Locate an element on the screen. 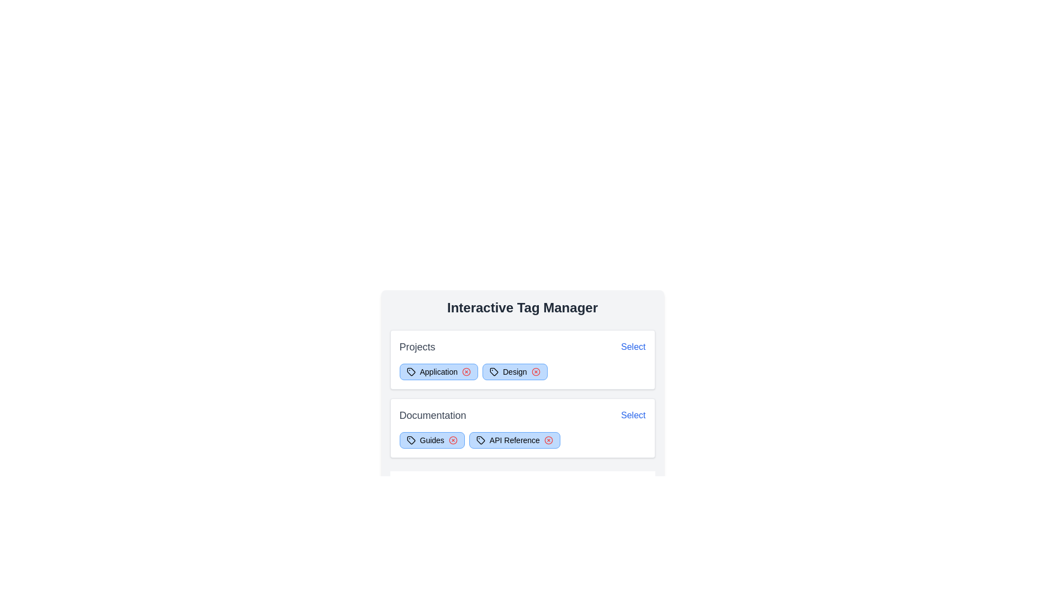  the text label that indicates a category or topic, positioned in the second row below the 'Interactive Tag Manager' heading, to the left of the 'Select' button is located at coordinates (432, 415).